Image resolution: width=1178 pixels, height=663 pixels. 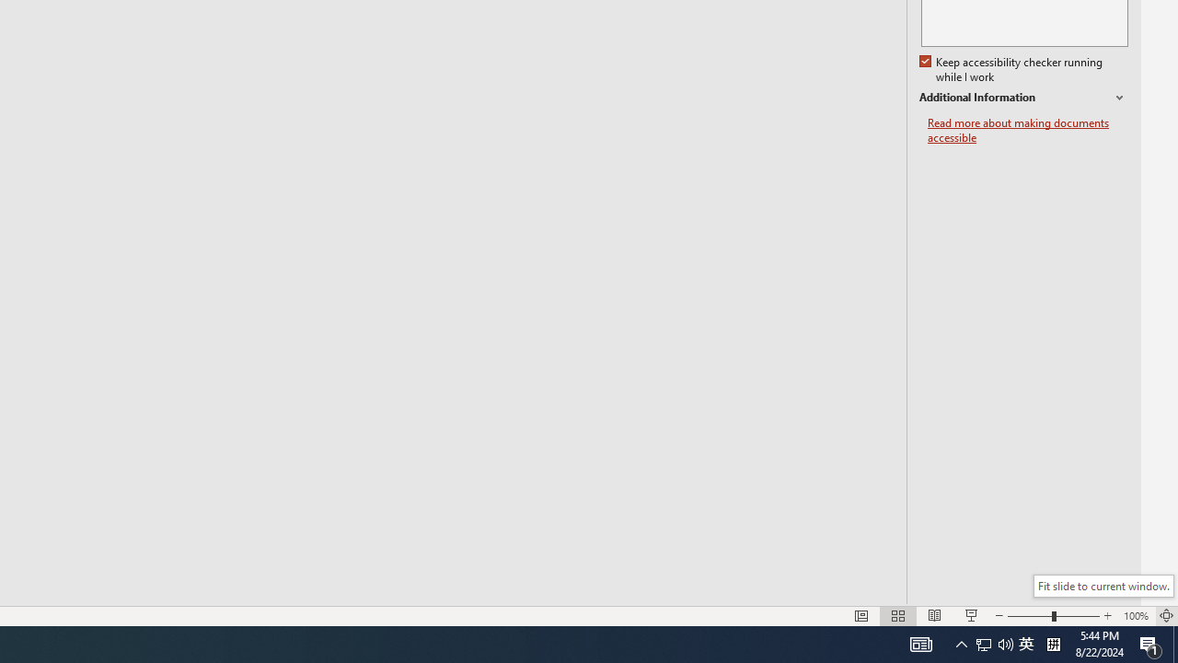 What do you see at coordinates (1011, 69) in the screenshot?
I see `'Keep accessibility checker running while I work'` at bounding box center [1011, 69].